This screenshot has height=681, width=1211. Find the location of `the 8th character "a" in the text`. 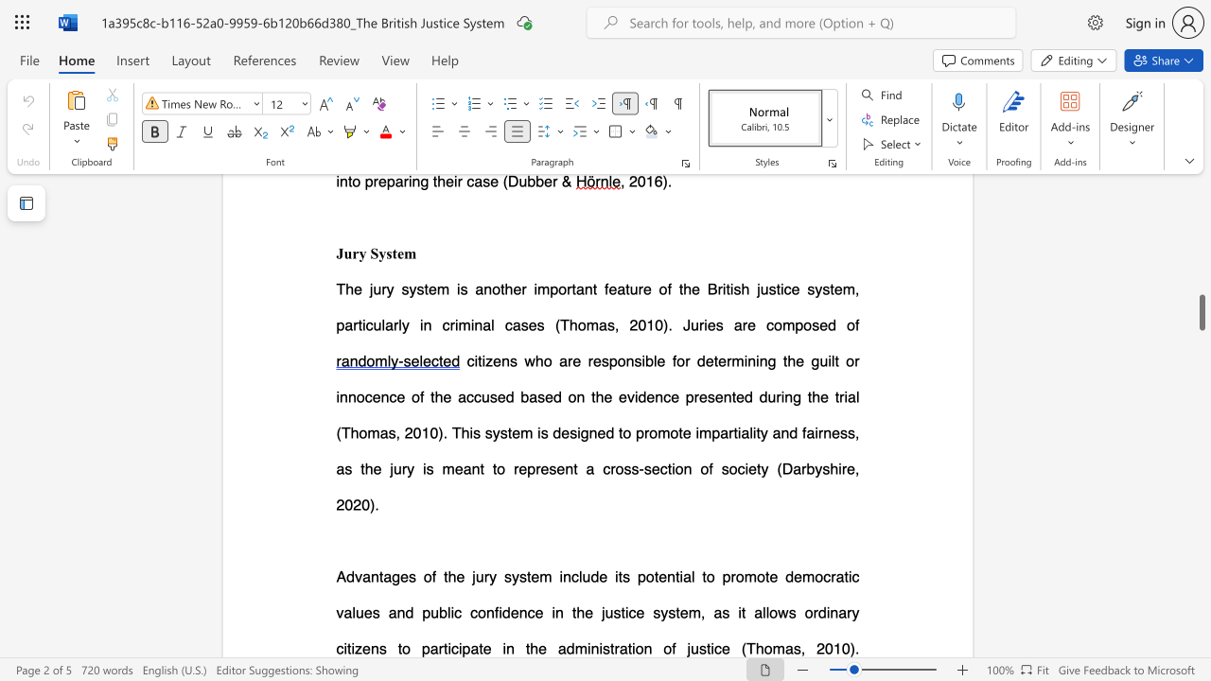

the 8th character "a" in the text is located at coordinates (758, 612).